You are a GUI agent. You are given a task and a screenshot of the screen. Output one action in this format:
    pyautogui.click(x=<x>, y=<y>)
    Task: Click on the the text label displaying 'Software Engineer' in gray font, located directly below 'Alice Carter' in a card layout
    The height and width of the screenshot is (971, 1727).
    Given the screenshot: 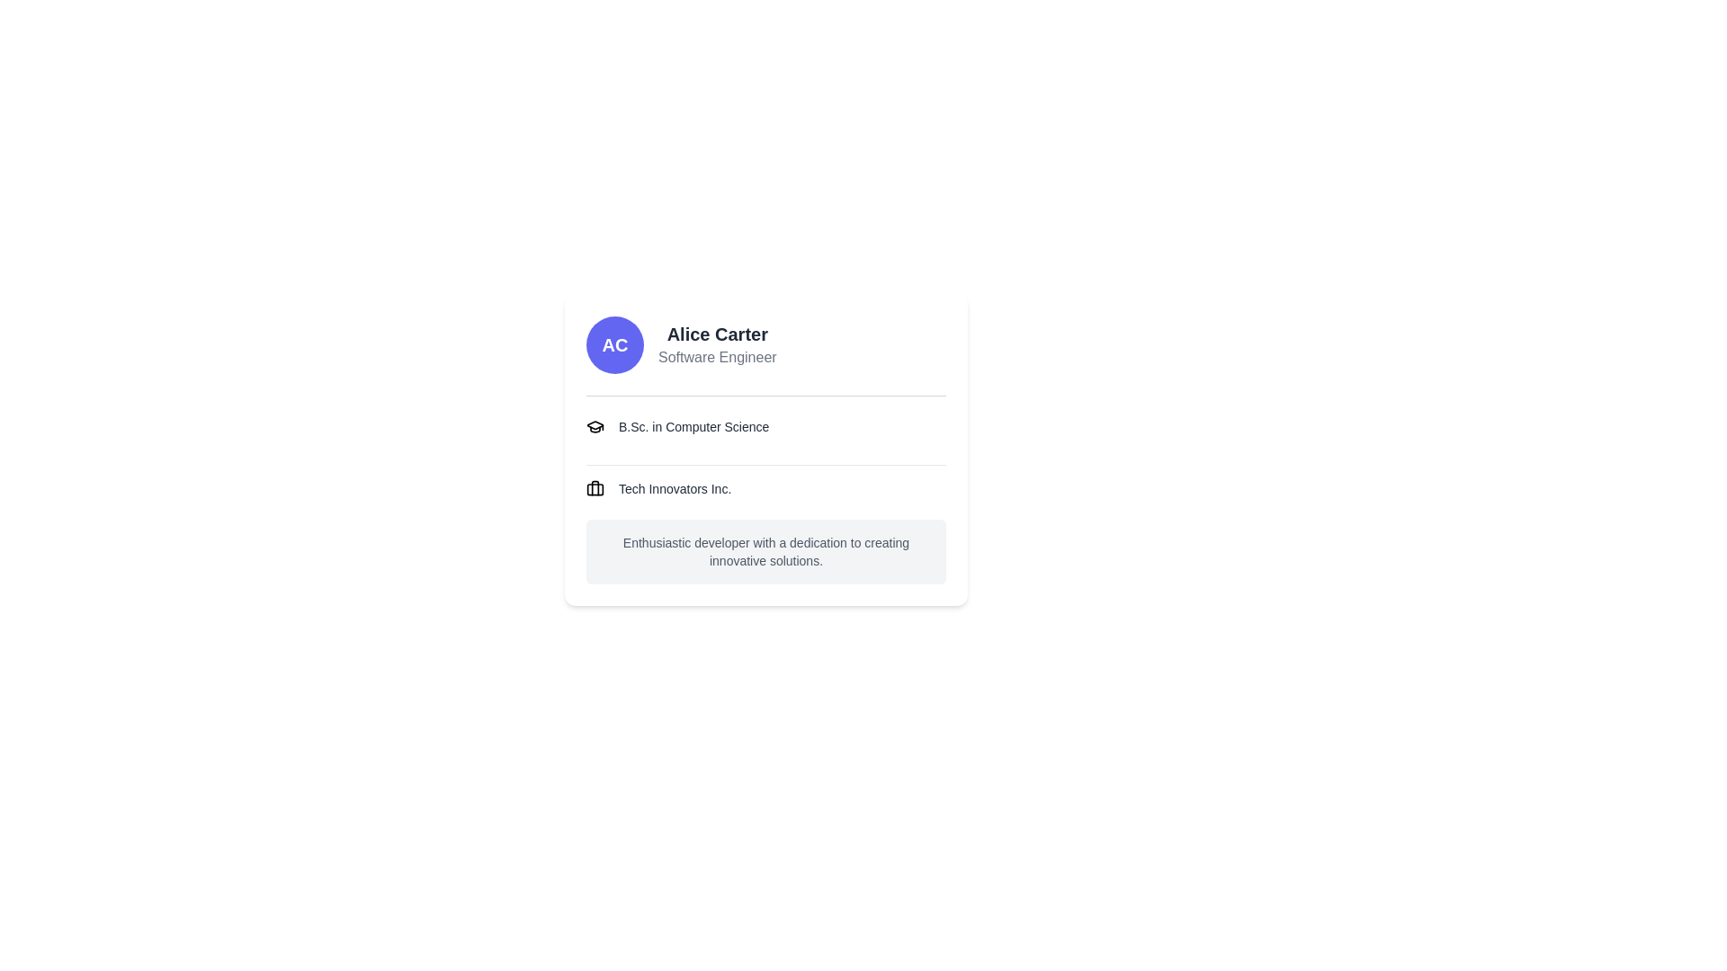 What is the action you would take?
    pyautogui.click(x=716, y=357)
    